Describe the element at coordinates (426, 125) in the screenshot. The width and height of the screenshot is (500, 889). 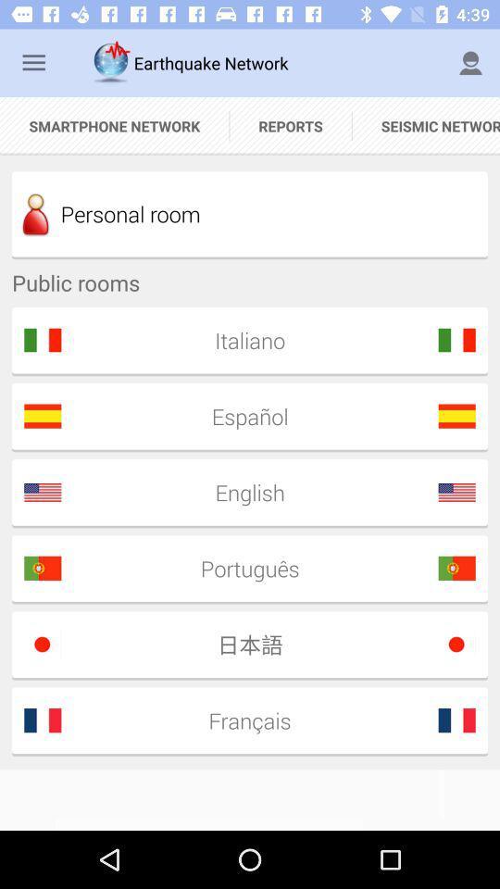
I see `seismic networks` at that location.